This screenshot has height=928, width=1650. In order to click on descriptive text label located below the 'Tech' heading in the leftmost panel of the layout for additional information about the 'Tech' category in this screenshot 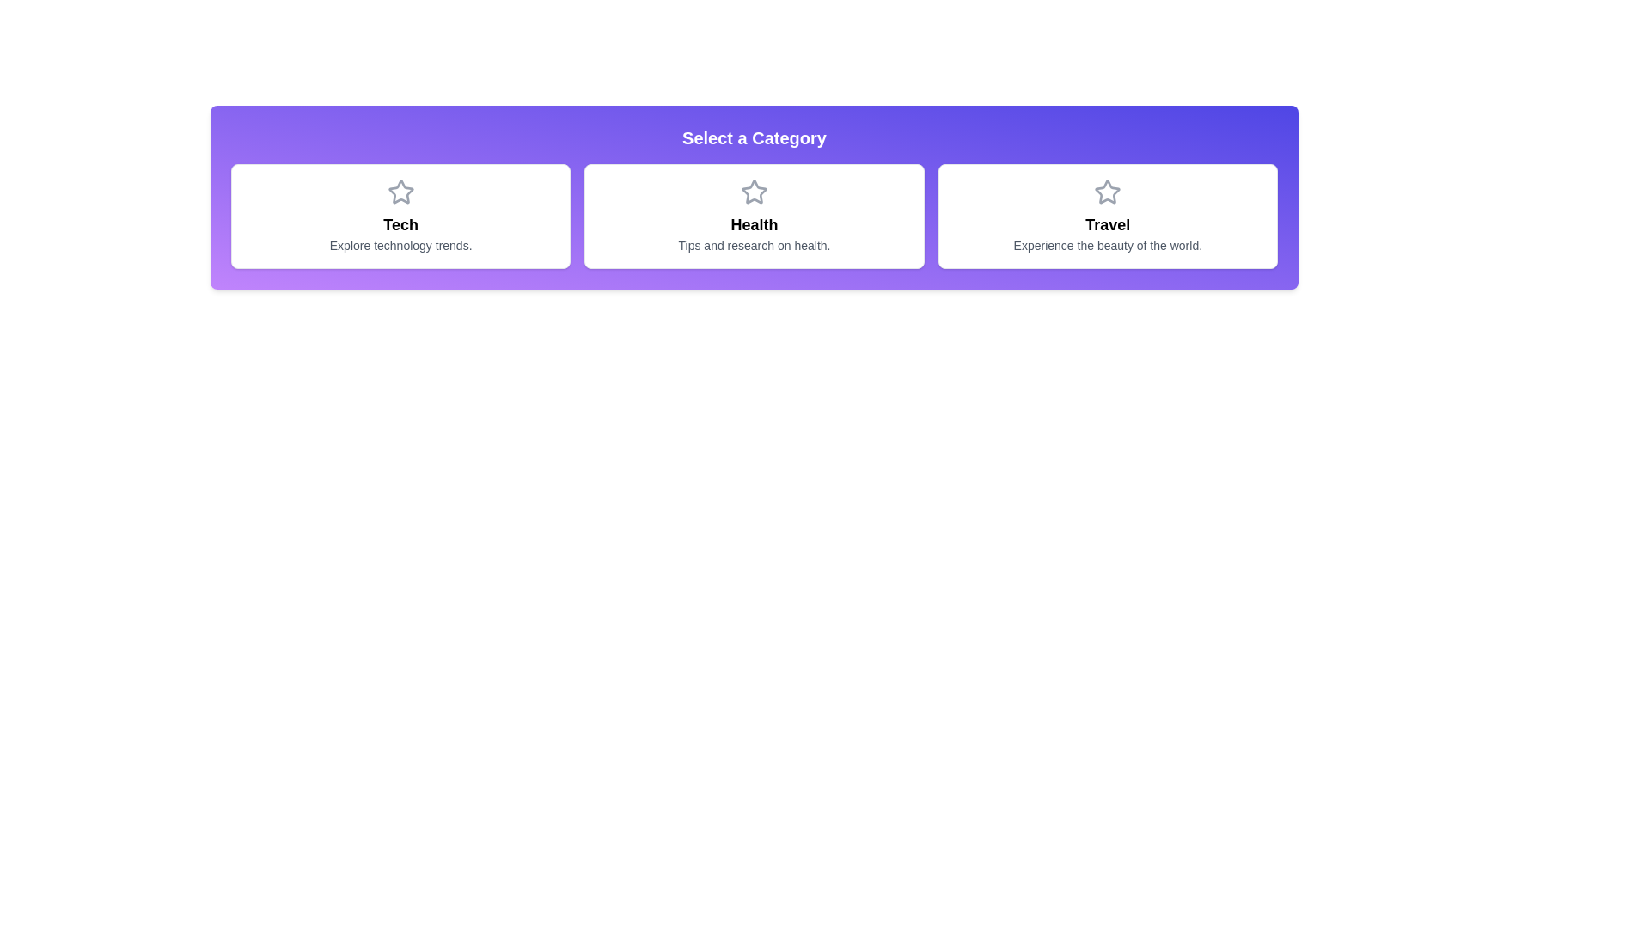, I will do `click(400, 245)`.